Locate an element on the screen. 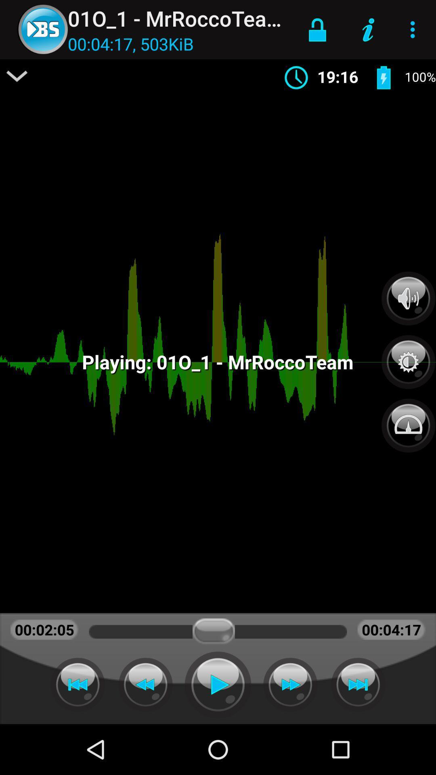  the skip_next icon is located at coordinates (358, 684).